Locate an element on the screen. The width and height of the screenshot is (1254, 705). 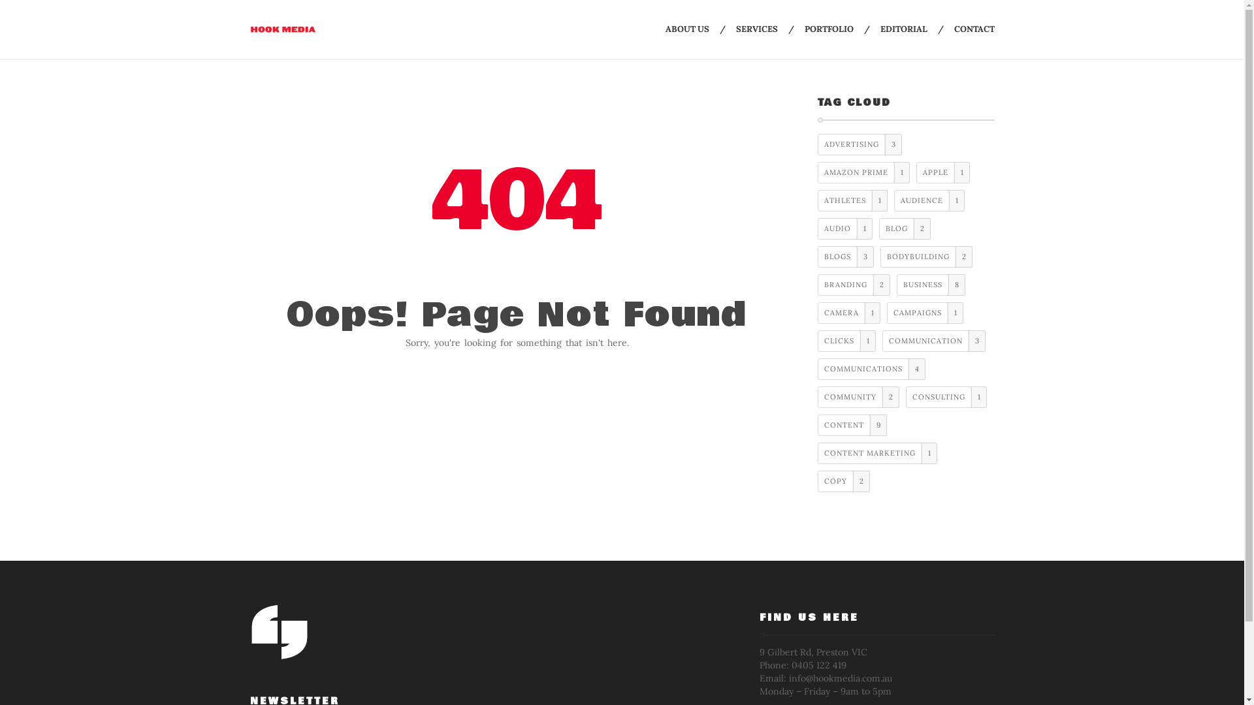
'BODYBUILDING2' is located at coordinates (925, 257).